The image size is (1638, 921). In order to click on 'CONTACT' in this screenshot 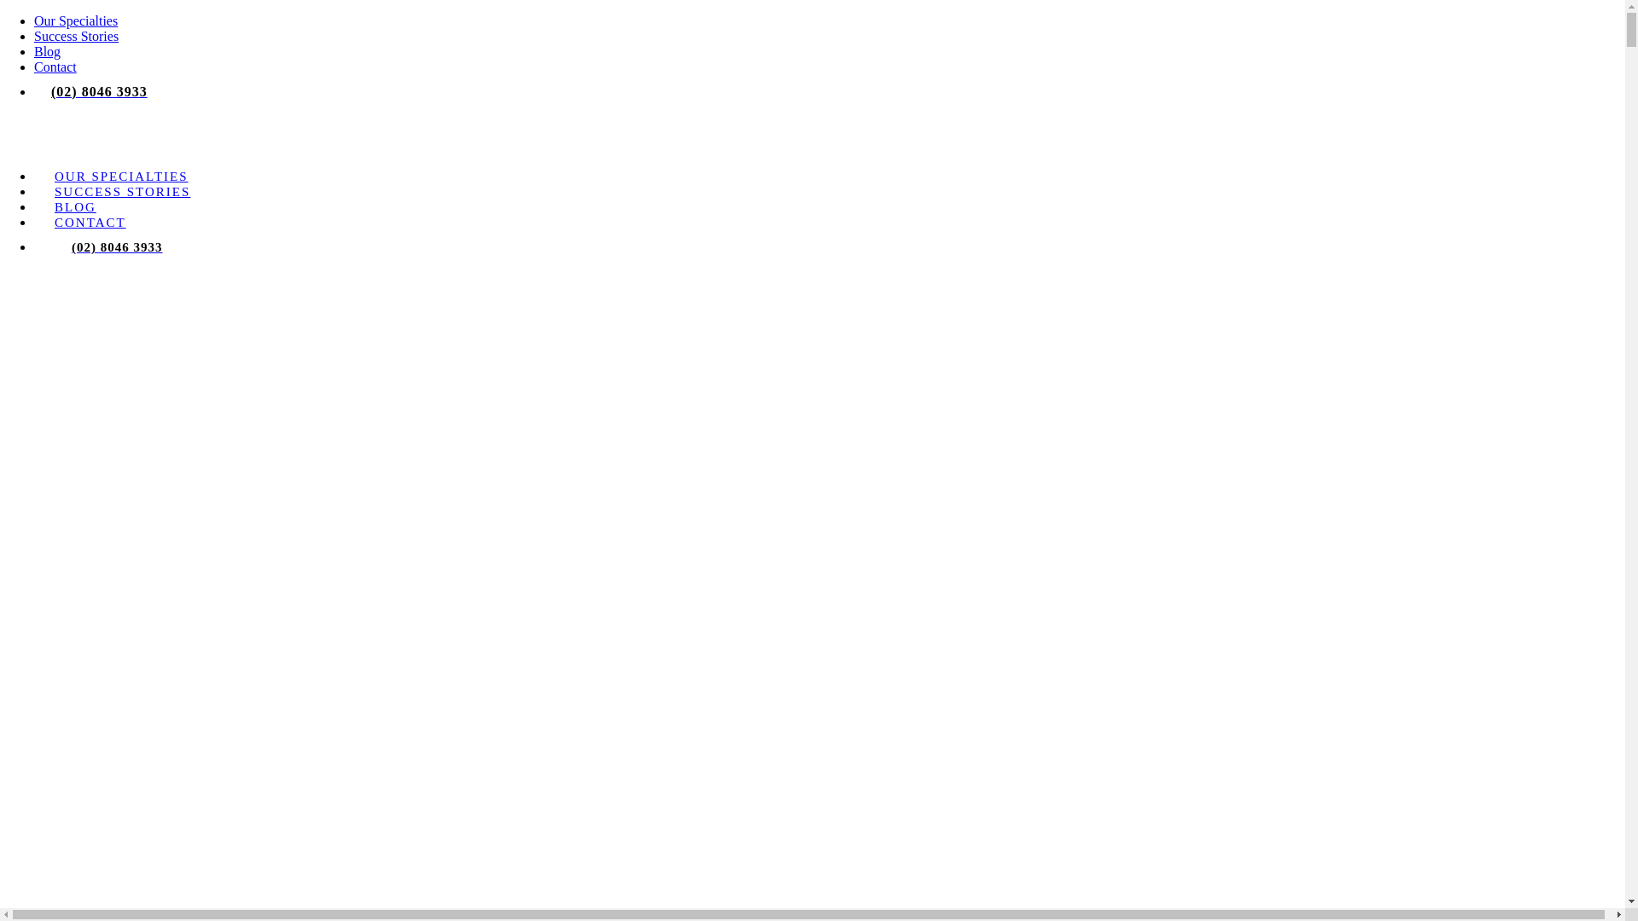, I will do `click(89, 222)`.